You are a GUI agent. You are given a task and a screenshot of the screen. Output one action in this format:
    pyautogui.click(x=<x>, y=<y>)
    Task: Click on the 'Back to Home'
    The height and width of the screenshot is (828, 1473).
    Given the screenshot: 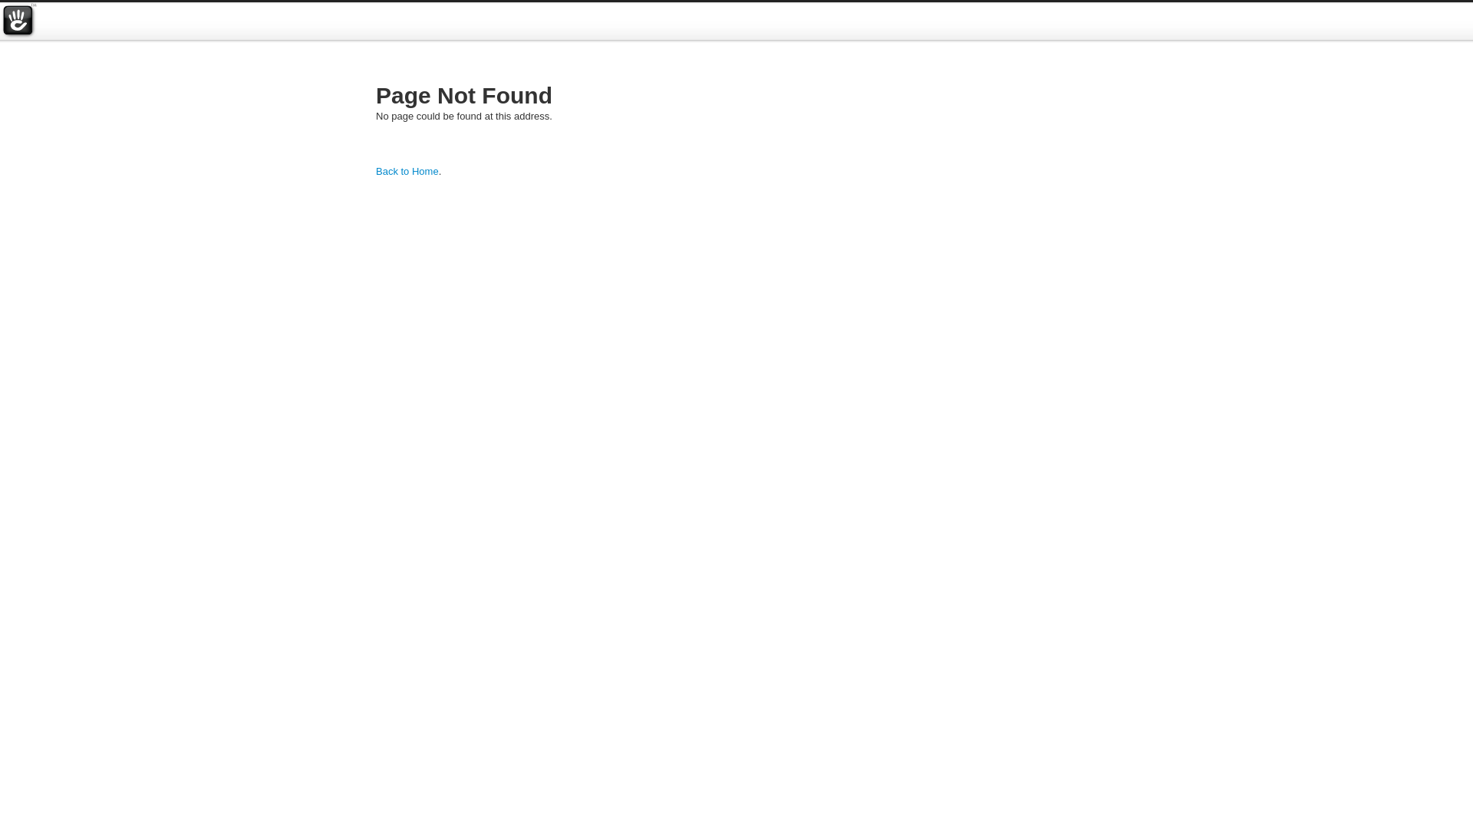 What is the action you would take?
    pyautogui.click(x=375, y=171)
    